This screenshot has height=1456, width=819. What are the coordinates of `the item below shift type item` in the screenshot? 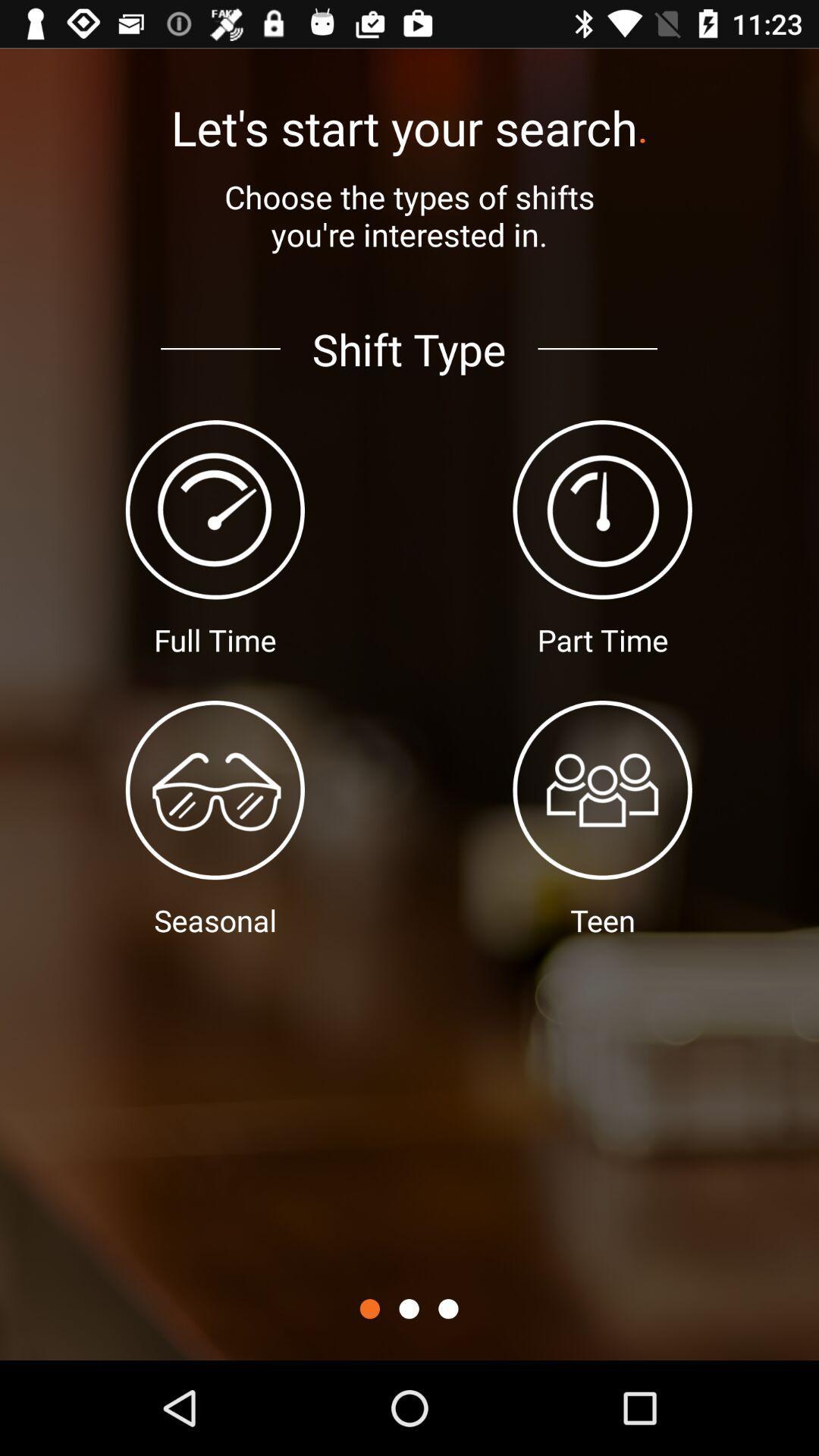 It's located at (408, 1308).